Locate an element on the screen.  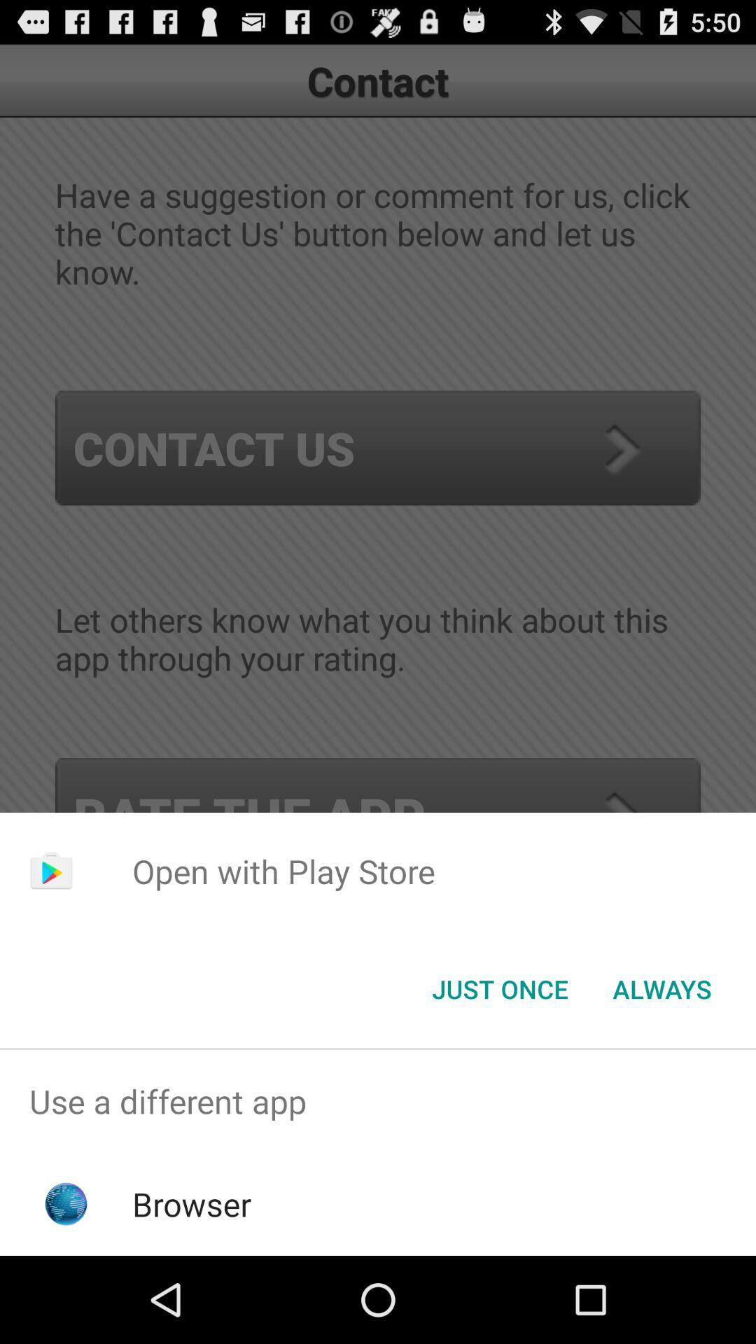
the browser item is located at coordinates (192, 1203).